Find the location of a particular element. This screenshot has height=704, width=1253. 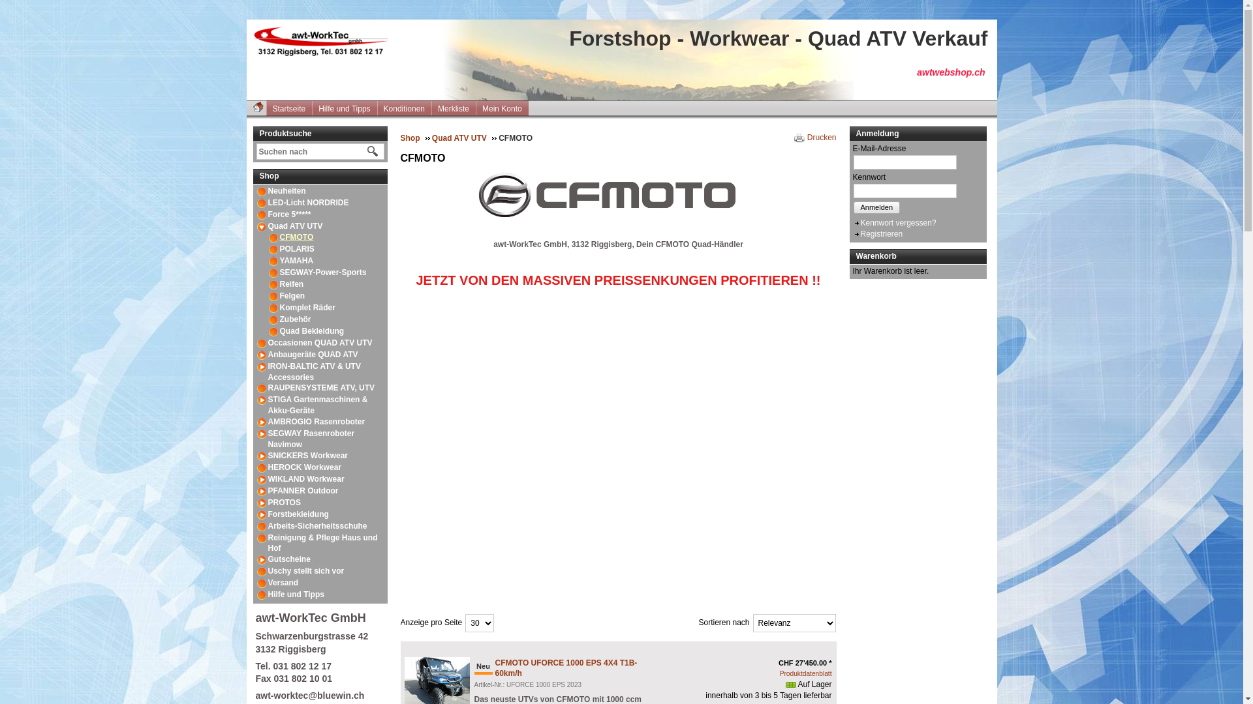

'Shop' is located at coordinates (414, 138).